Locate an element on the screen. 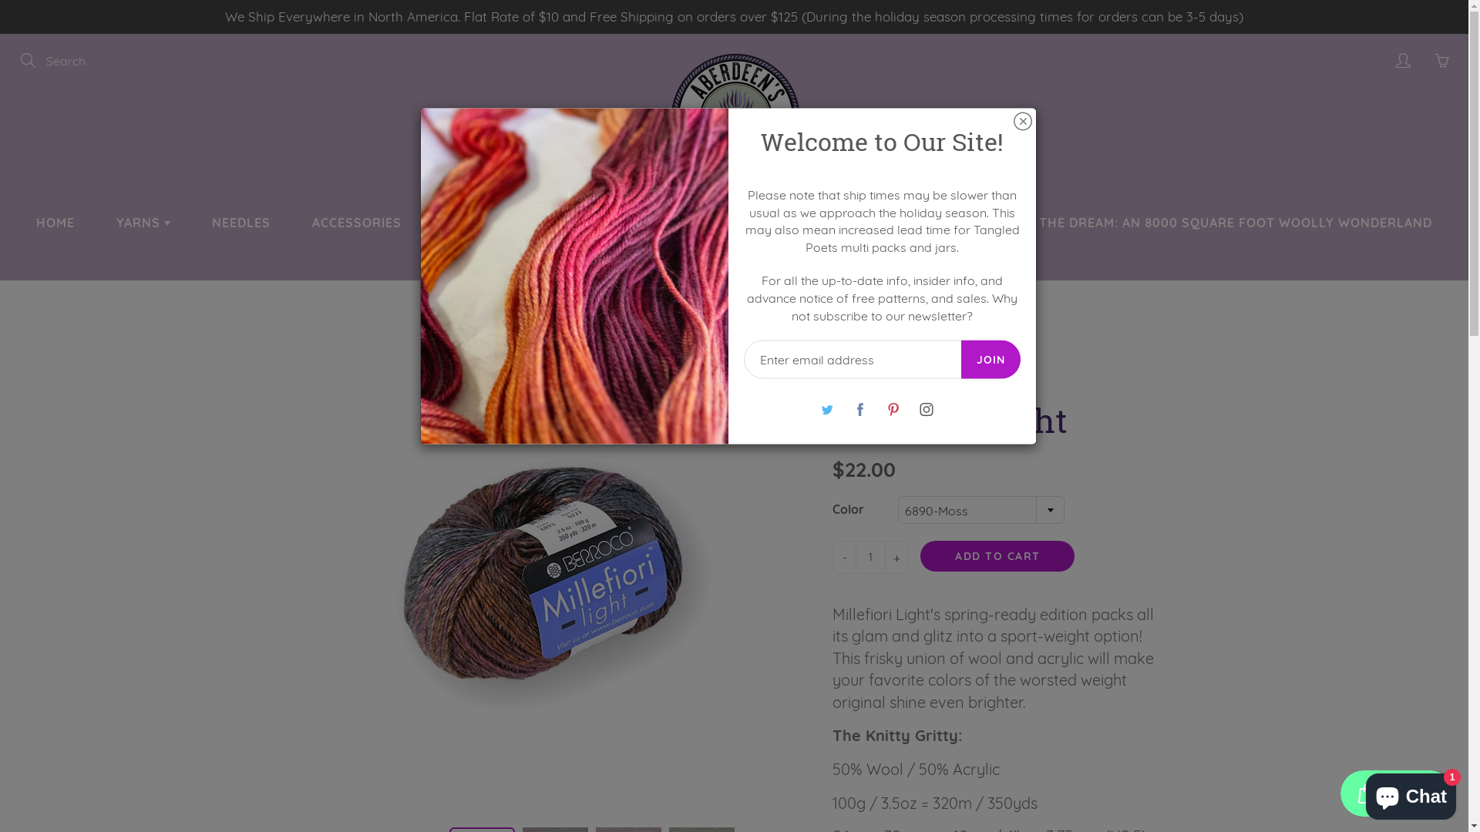 The height and width of the screenshot is (832, 1480). 'My account' is located at coordinates (1402, 59).